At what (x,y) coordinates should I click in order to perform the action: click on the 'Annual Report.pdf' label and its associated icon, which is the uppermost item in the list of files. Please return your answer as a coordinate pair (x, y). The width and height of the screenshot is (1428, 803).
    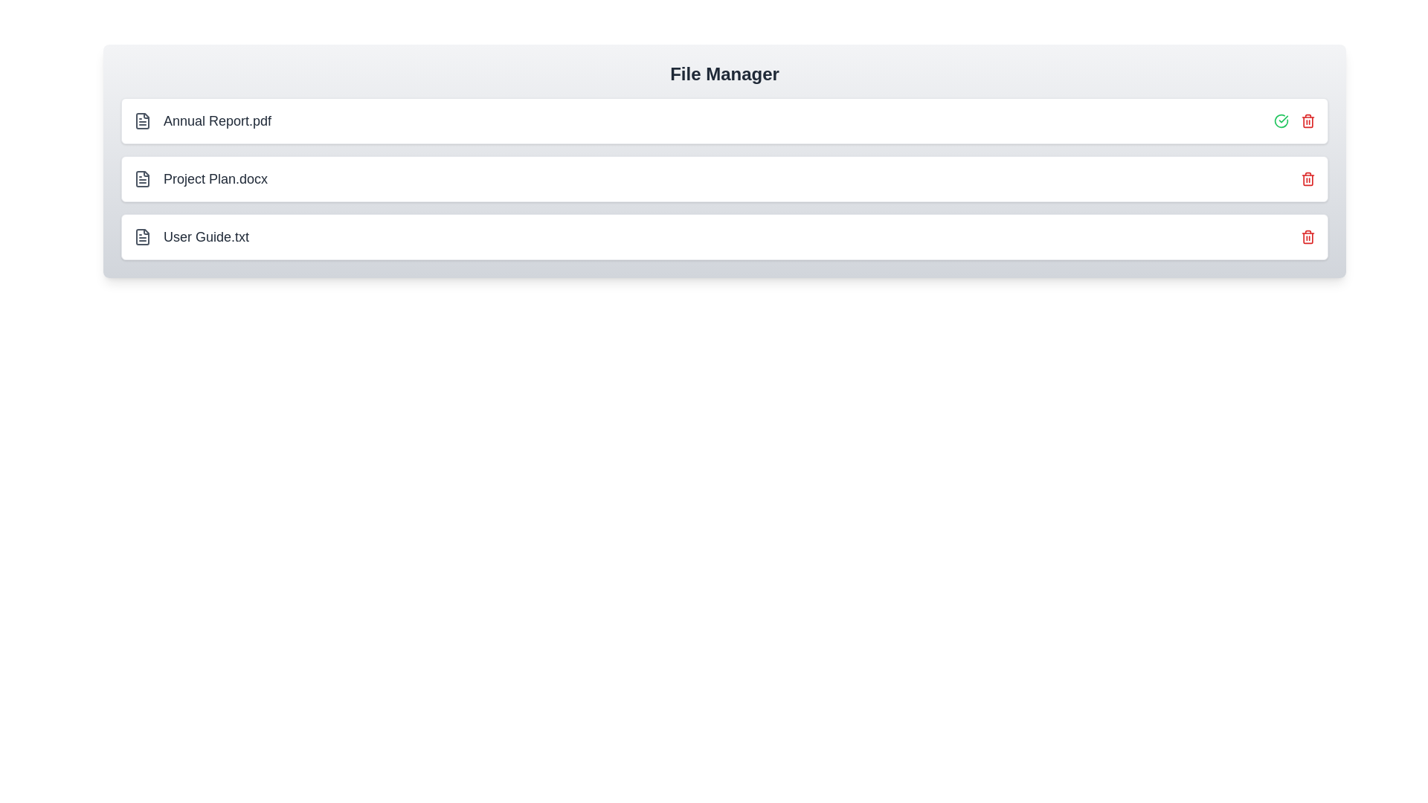
    Looking at the image, I should click on (202, 120).